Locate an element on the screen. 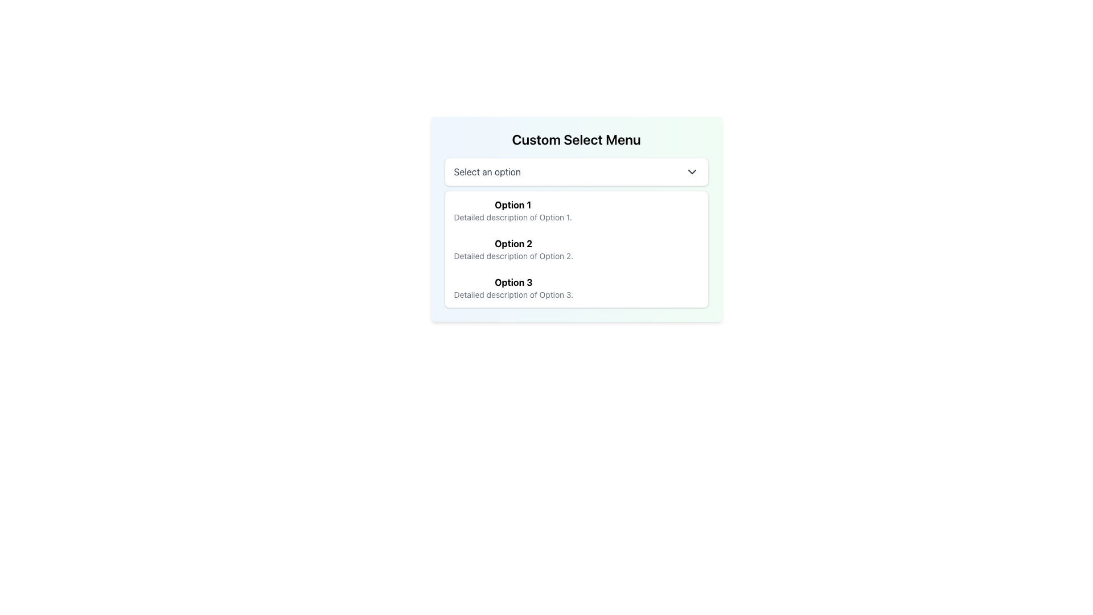 Image resolution: width=1093 pixels, height=615 pixels. the dropdown button located at the top of the dropdown menu is located at coordinates (576, 171).